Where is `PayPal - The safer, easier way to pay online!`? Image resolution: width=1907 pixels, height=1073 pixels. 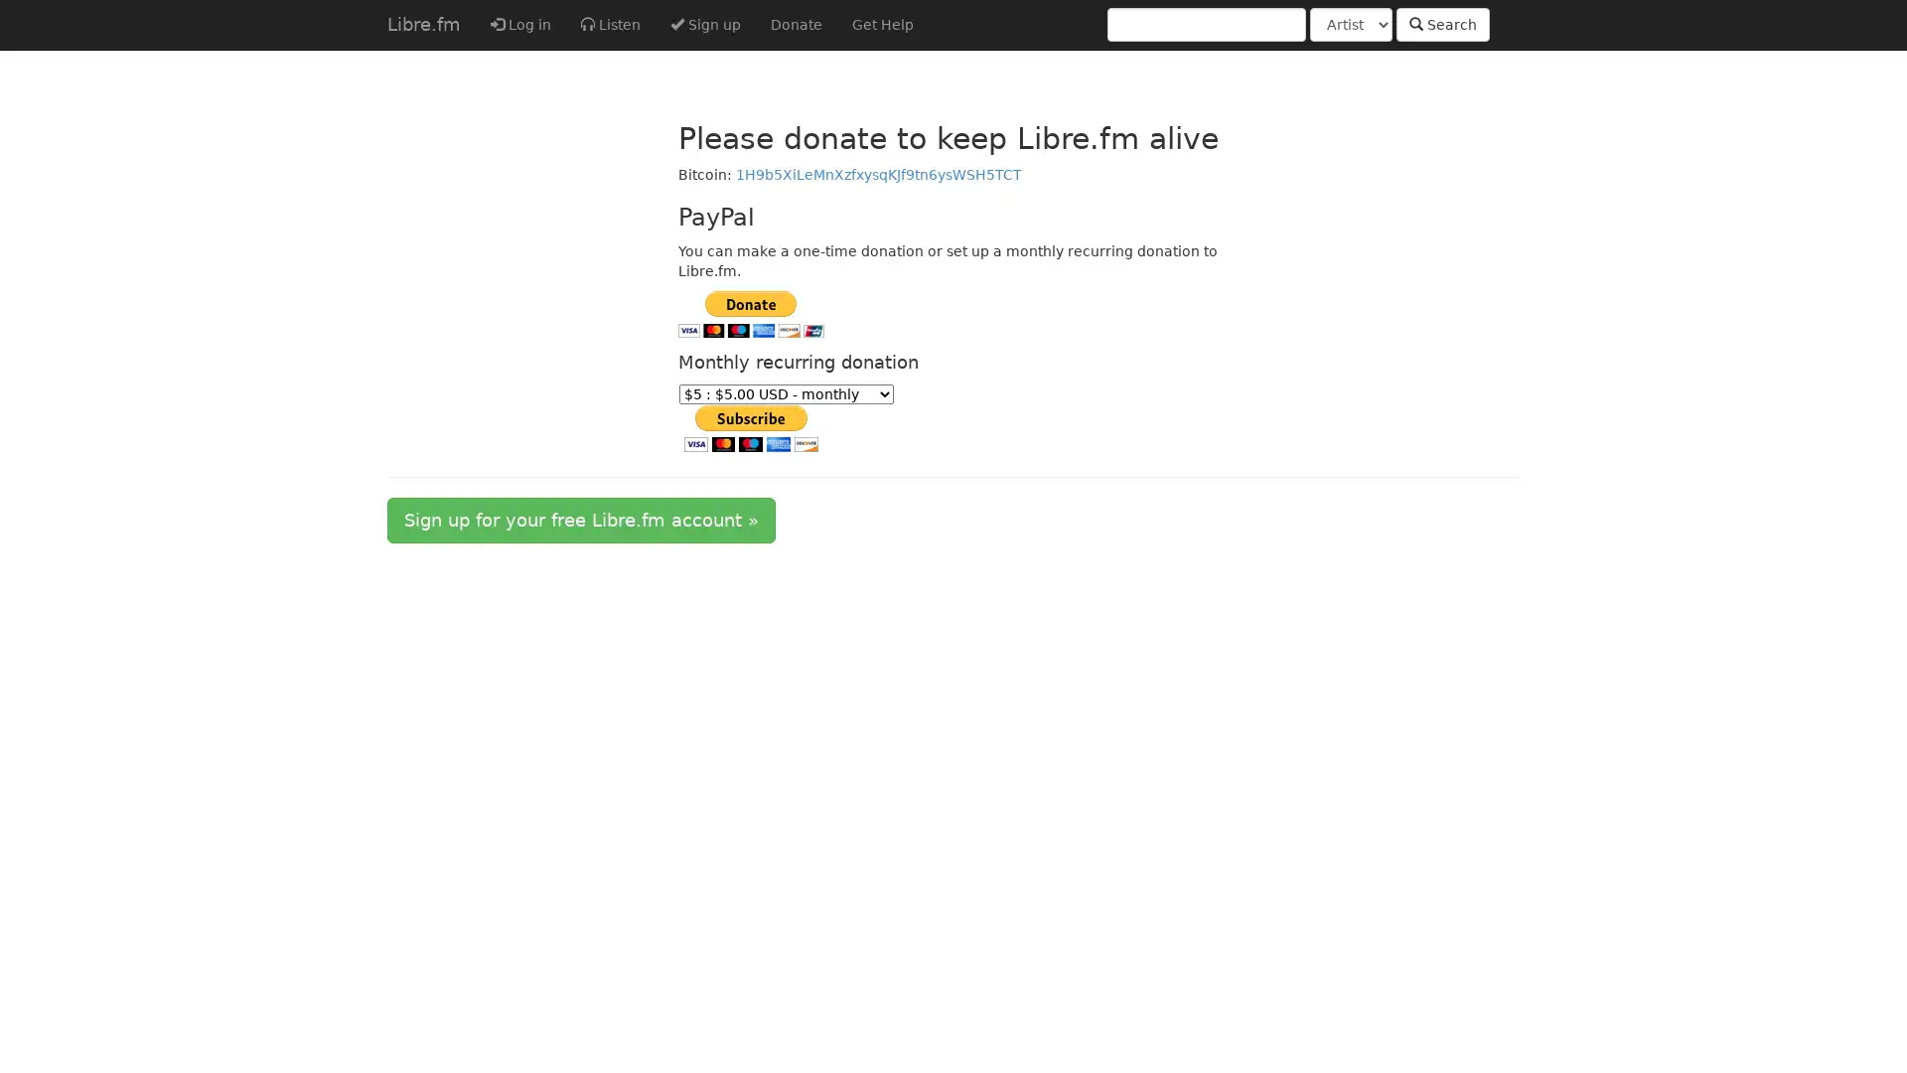 PayPal - The safer, easier way to pay online! is located at coordinates (749, 427).